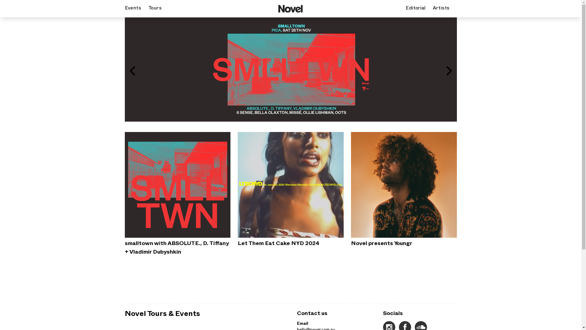 This screenshot has width=586, height=330. I want to click on 'Novel', so click(290, 9).